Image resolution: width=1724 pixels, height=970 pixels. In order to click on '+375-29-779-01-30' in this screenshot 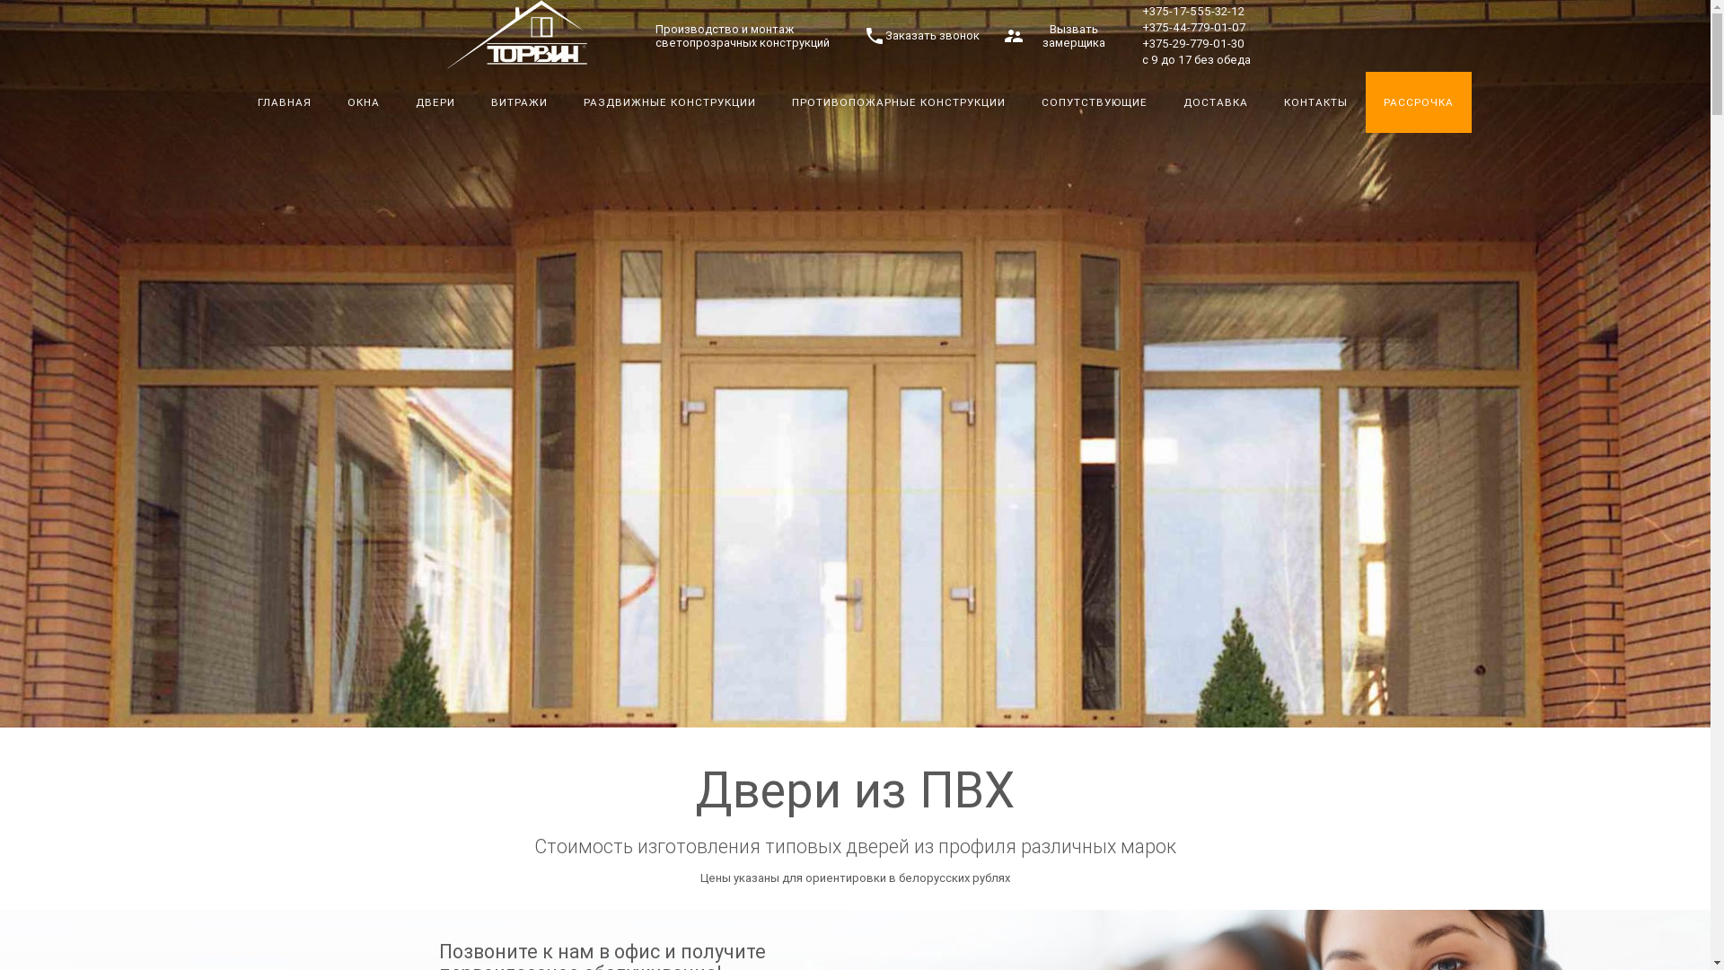, I will do `click(1193, 42)`.